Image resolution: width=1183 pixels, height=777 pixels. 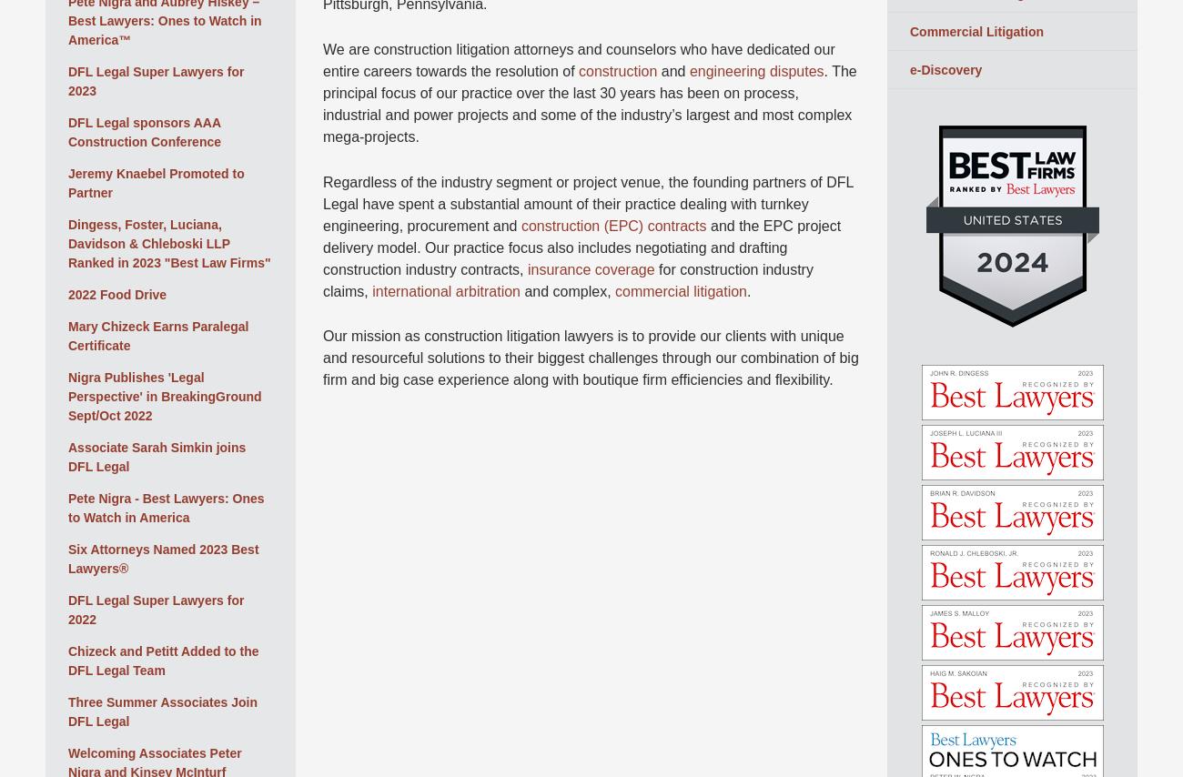 What do you see at coordinates (976, 30) in the screenshot?
I see `'Commercial Litigation'` at bounding box center [976, 30].